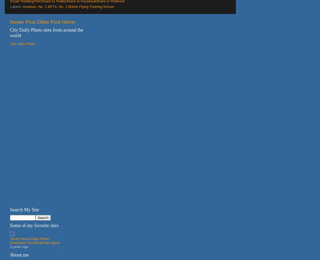 Image resolution: width=320 pixels, height=260 pixels. Describe the element at coordinates (46, 32) in the screenshot. I see `'City Daily Photo sites from around the world'` at that location.